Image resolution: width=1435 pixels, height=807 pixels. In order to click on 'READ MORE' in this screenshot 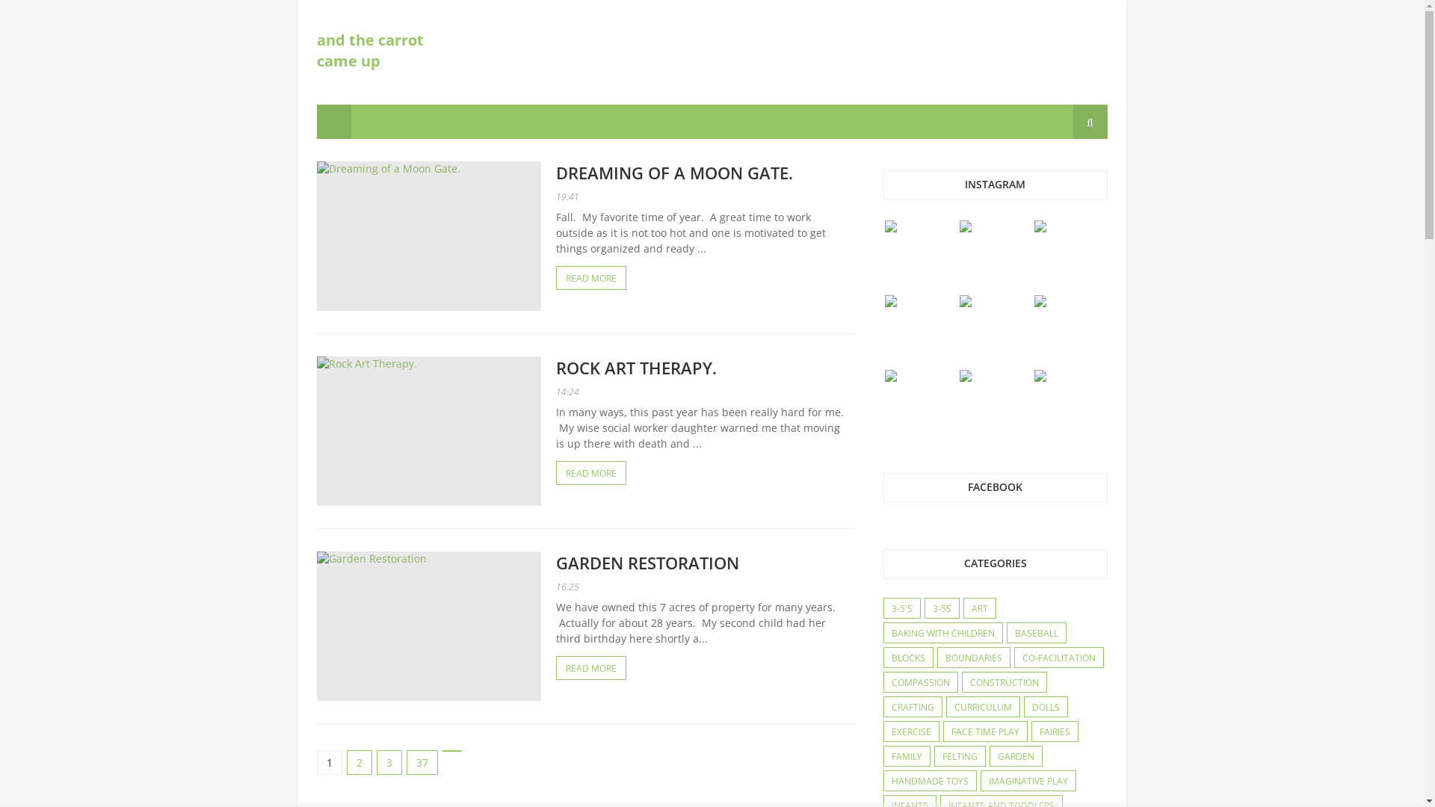, I will do `click(590, 667)`.